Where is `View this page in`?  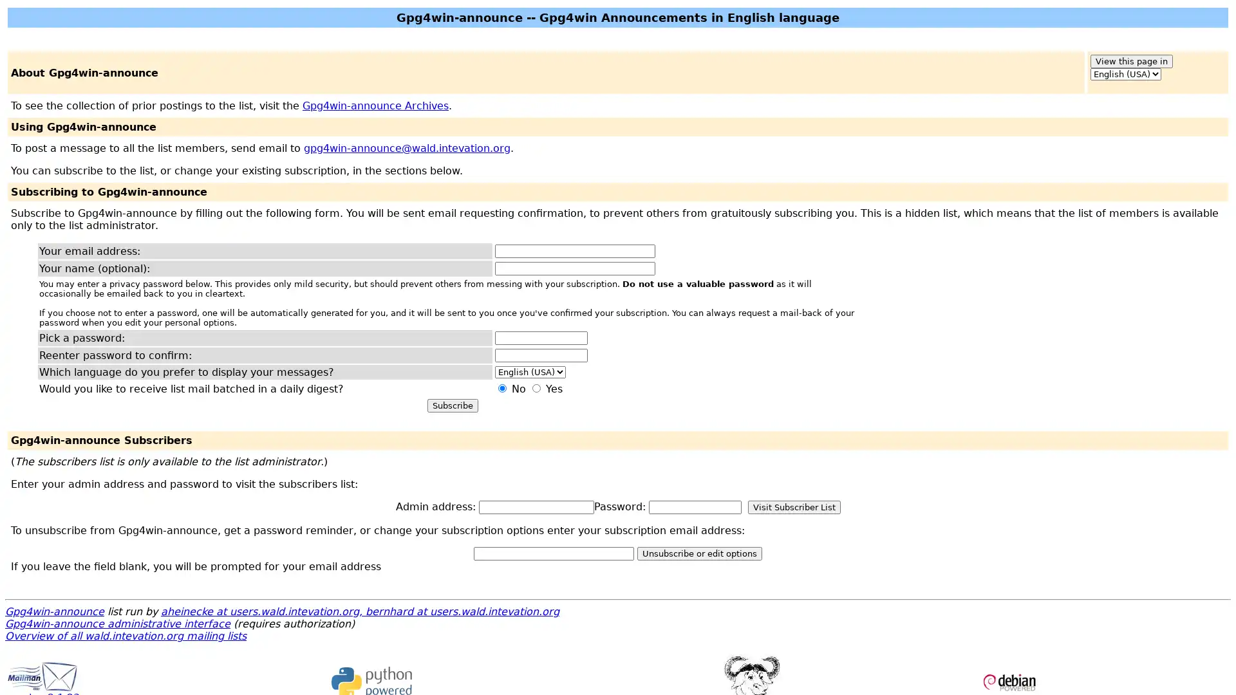 View this page in is located at coordinates (1130, 61).